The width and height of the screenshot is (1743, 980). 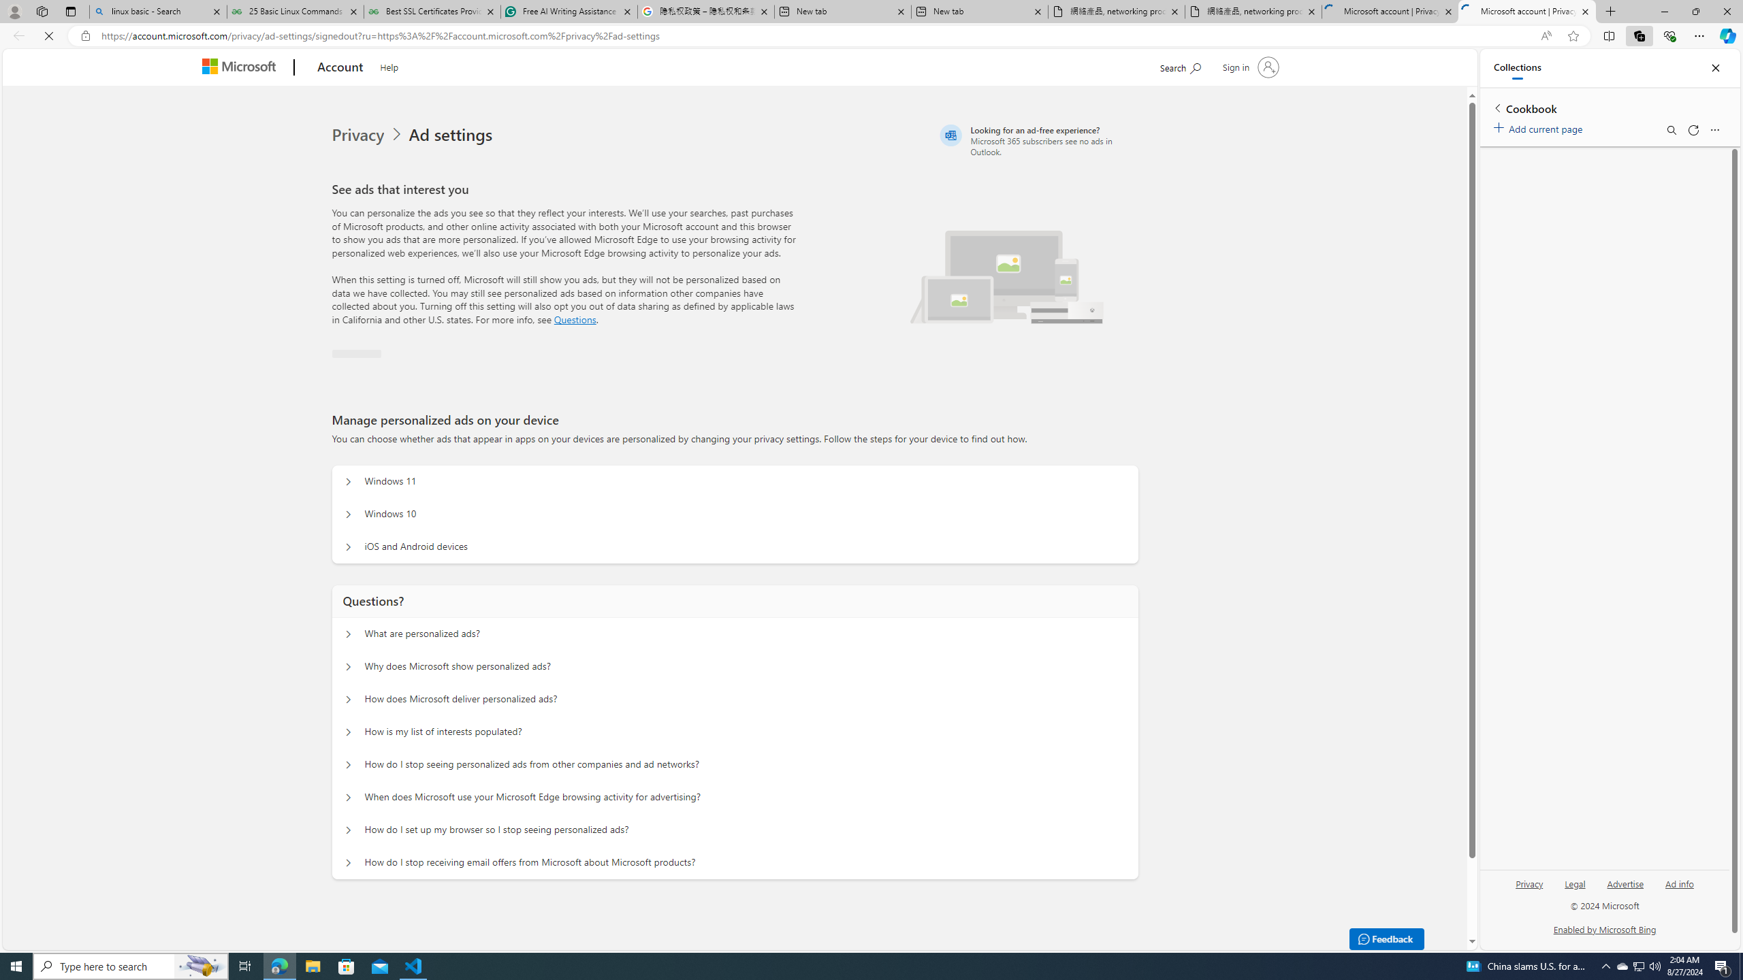 What do you see at coordinates (1540, 125) in the screenshot?
I see `'Add current page'` at bounding box center [1540, 125].